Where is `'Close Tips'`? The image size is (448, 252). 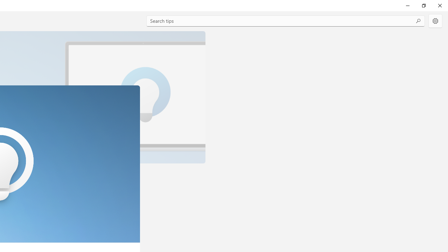 'Close Tips' is located at coordinates (439, 5).